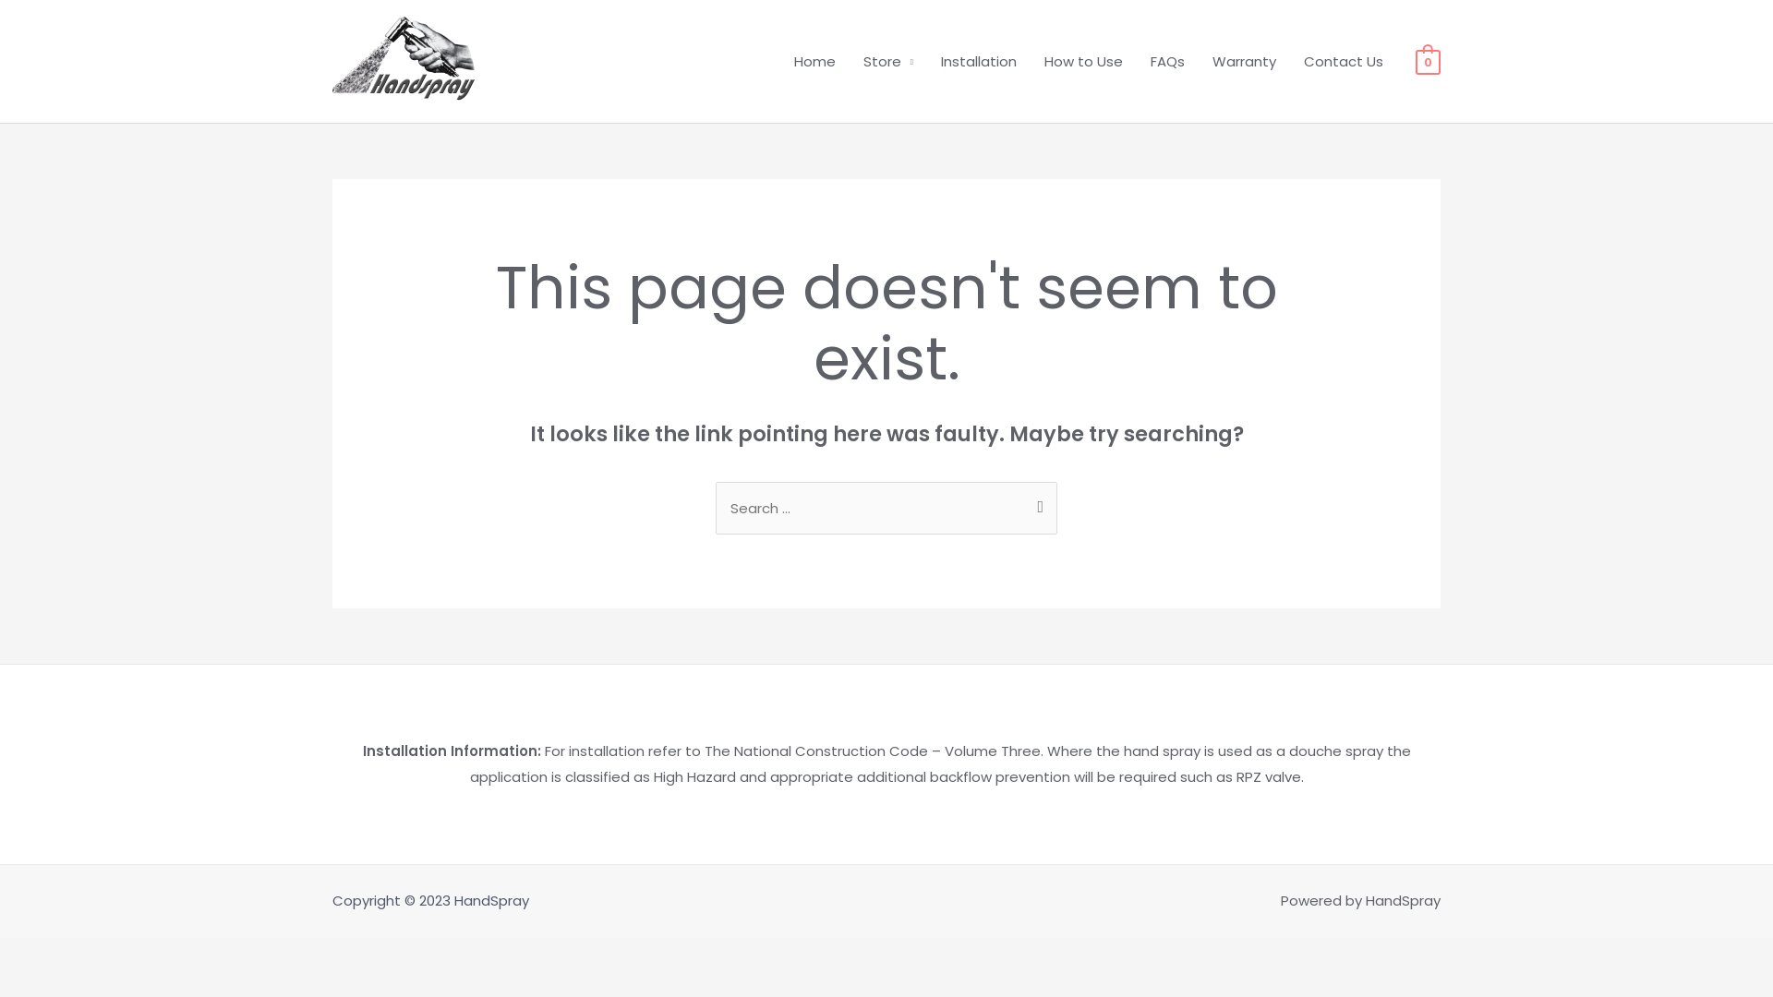 This screenshot has width=1773, height=997. Describe the element at coordinates (814, 60) in the screenshot. I see `'Home'` at that location.